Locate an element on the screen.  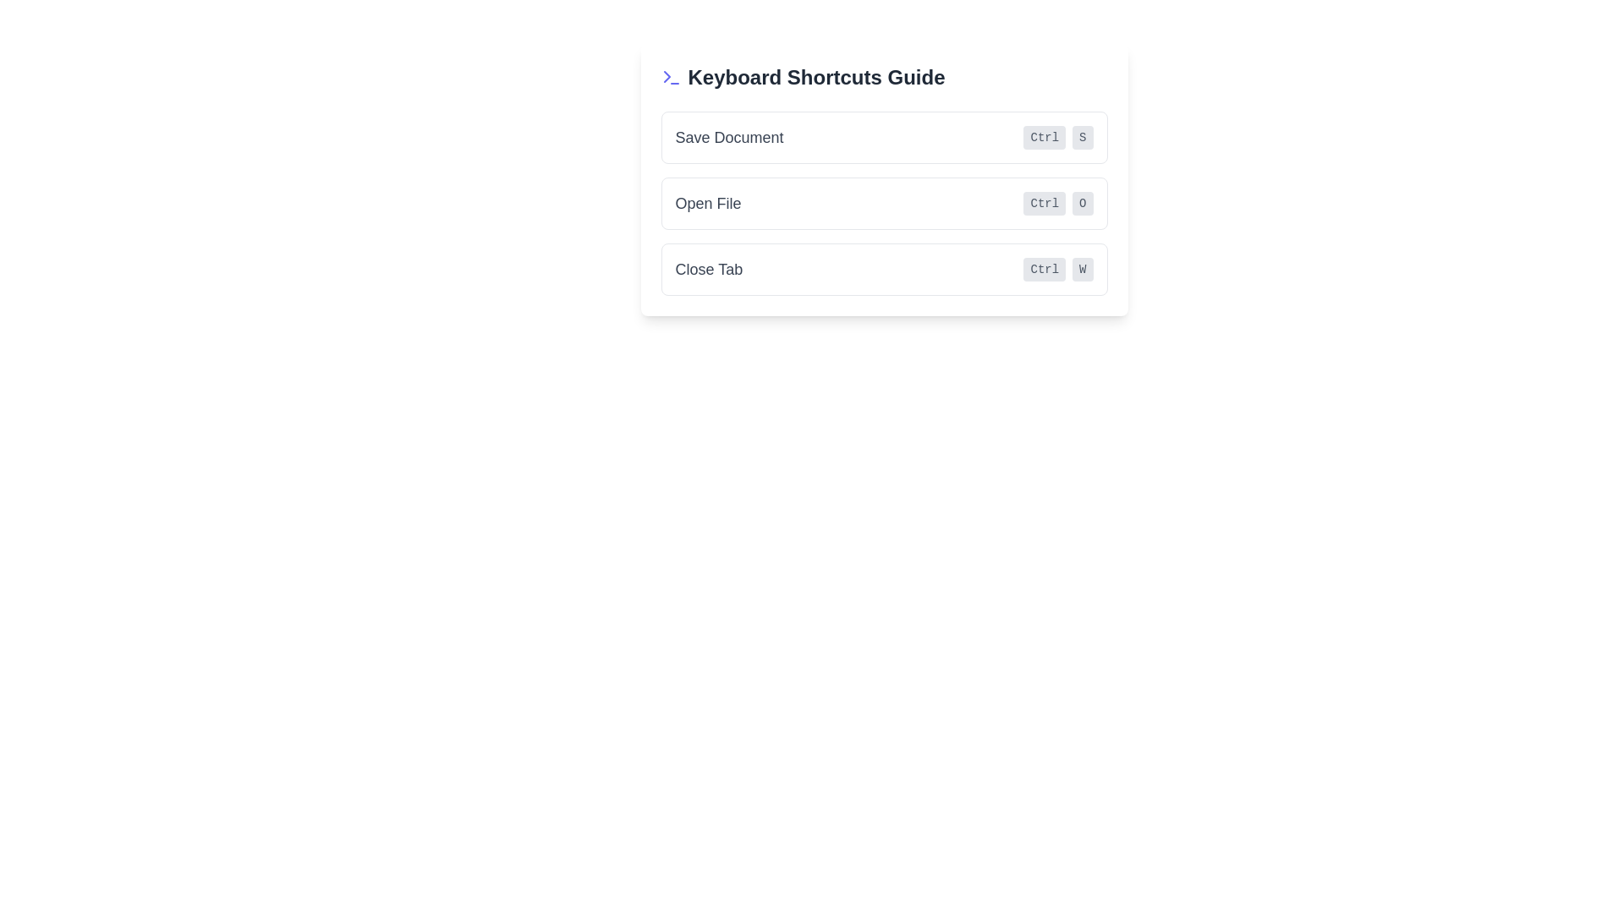
the Keyboard Shortcut Display indicating 'Ctrl + O' for the 'Open File' action, which is located to the right of the 'Open File' label is located at coordinates (1057, 202).